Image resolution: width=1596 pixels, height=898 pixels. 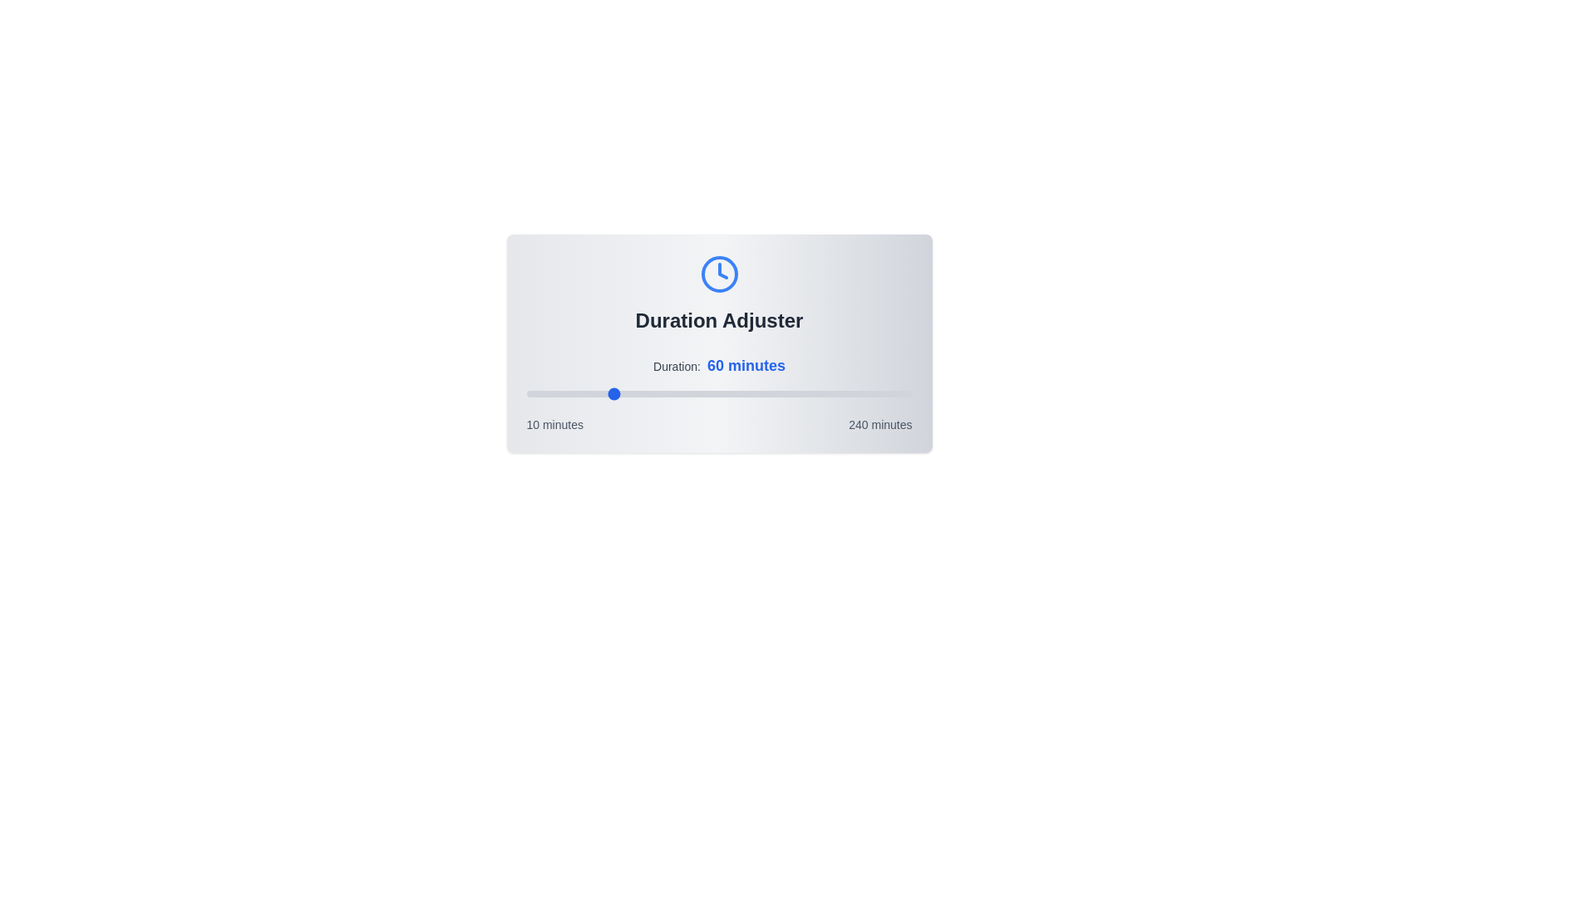 What do you see at coordinates (624, 394) in the screenshot?
I see `the duration slider to 69 minutes` at bounding box center [624, 394].